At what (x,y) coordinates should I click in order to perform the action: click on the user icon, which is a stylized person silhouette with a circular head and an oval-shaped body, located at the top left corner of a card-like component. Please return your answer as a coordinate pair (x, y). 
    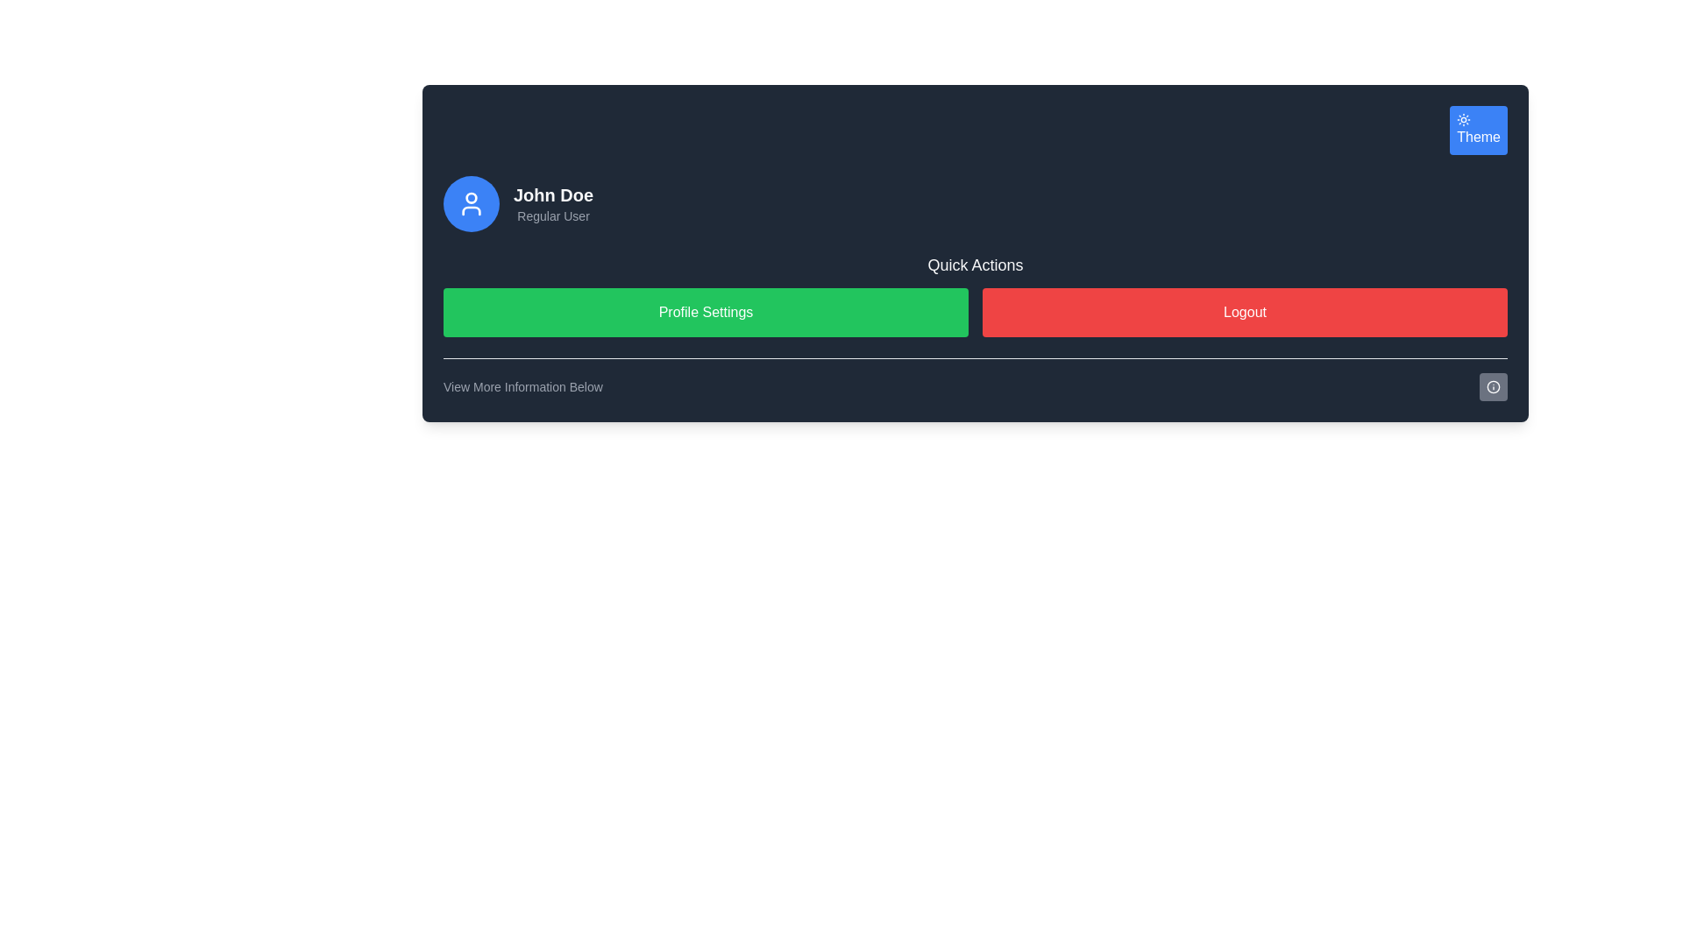
    Looking at the image, I should click on (471, 202).